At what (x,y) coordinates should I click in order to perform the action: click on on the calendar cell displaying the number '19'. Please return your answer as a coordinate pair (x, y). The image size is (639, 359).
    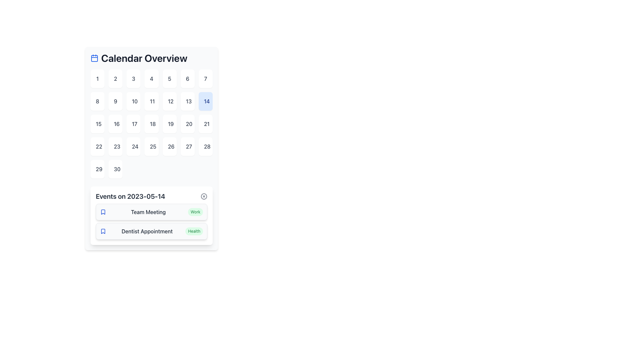
    Looking at the image, I should click on (169, 124).